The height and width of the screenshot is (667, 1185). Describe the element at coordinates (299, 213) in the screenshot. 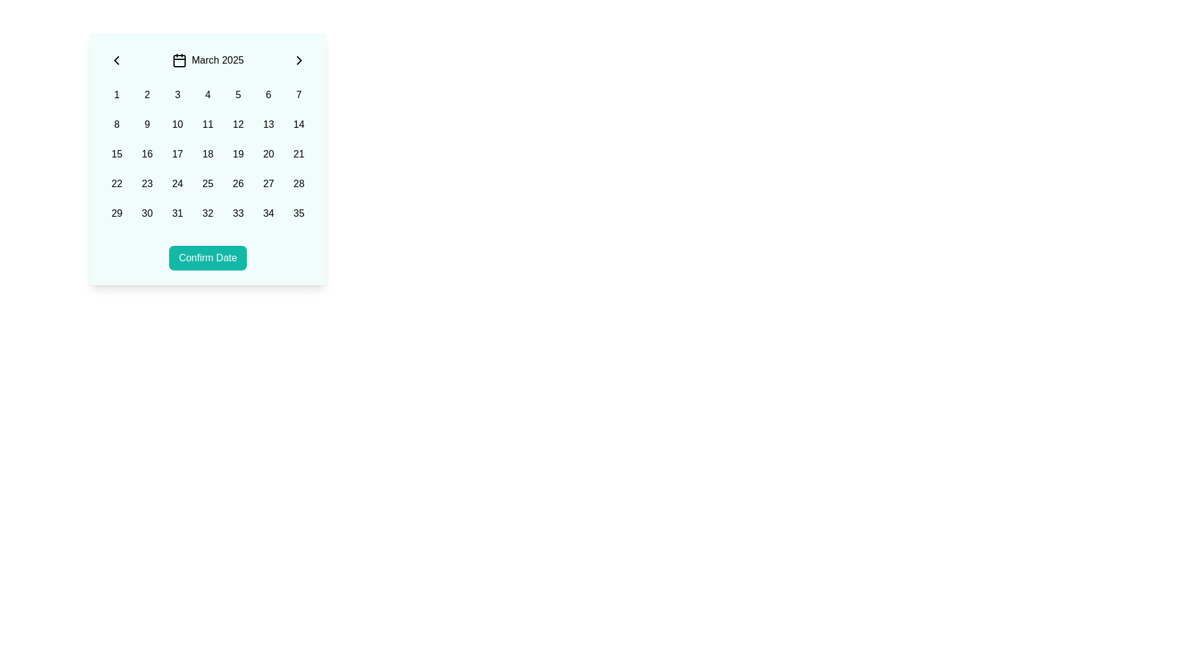

I see `the button-like interactive grid cell element containing the text '35'` at that location.